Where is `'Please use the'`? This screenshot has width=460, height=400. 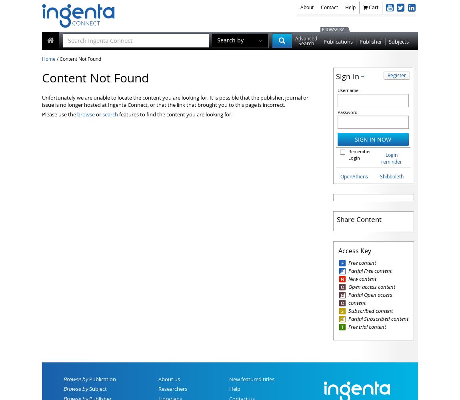 'Please use the' is located at coordinates (59, 114).